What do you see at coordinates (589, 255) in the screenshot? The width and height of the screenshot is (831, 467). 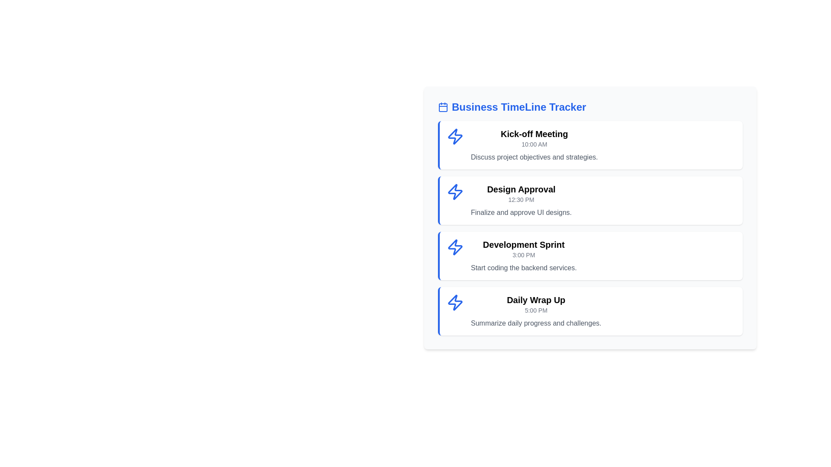 I see `details of the 'Development Sprint' task card, which includes the title, time, and description, located in the timeline interface` at bounding box center [589, 255].